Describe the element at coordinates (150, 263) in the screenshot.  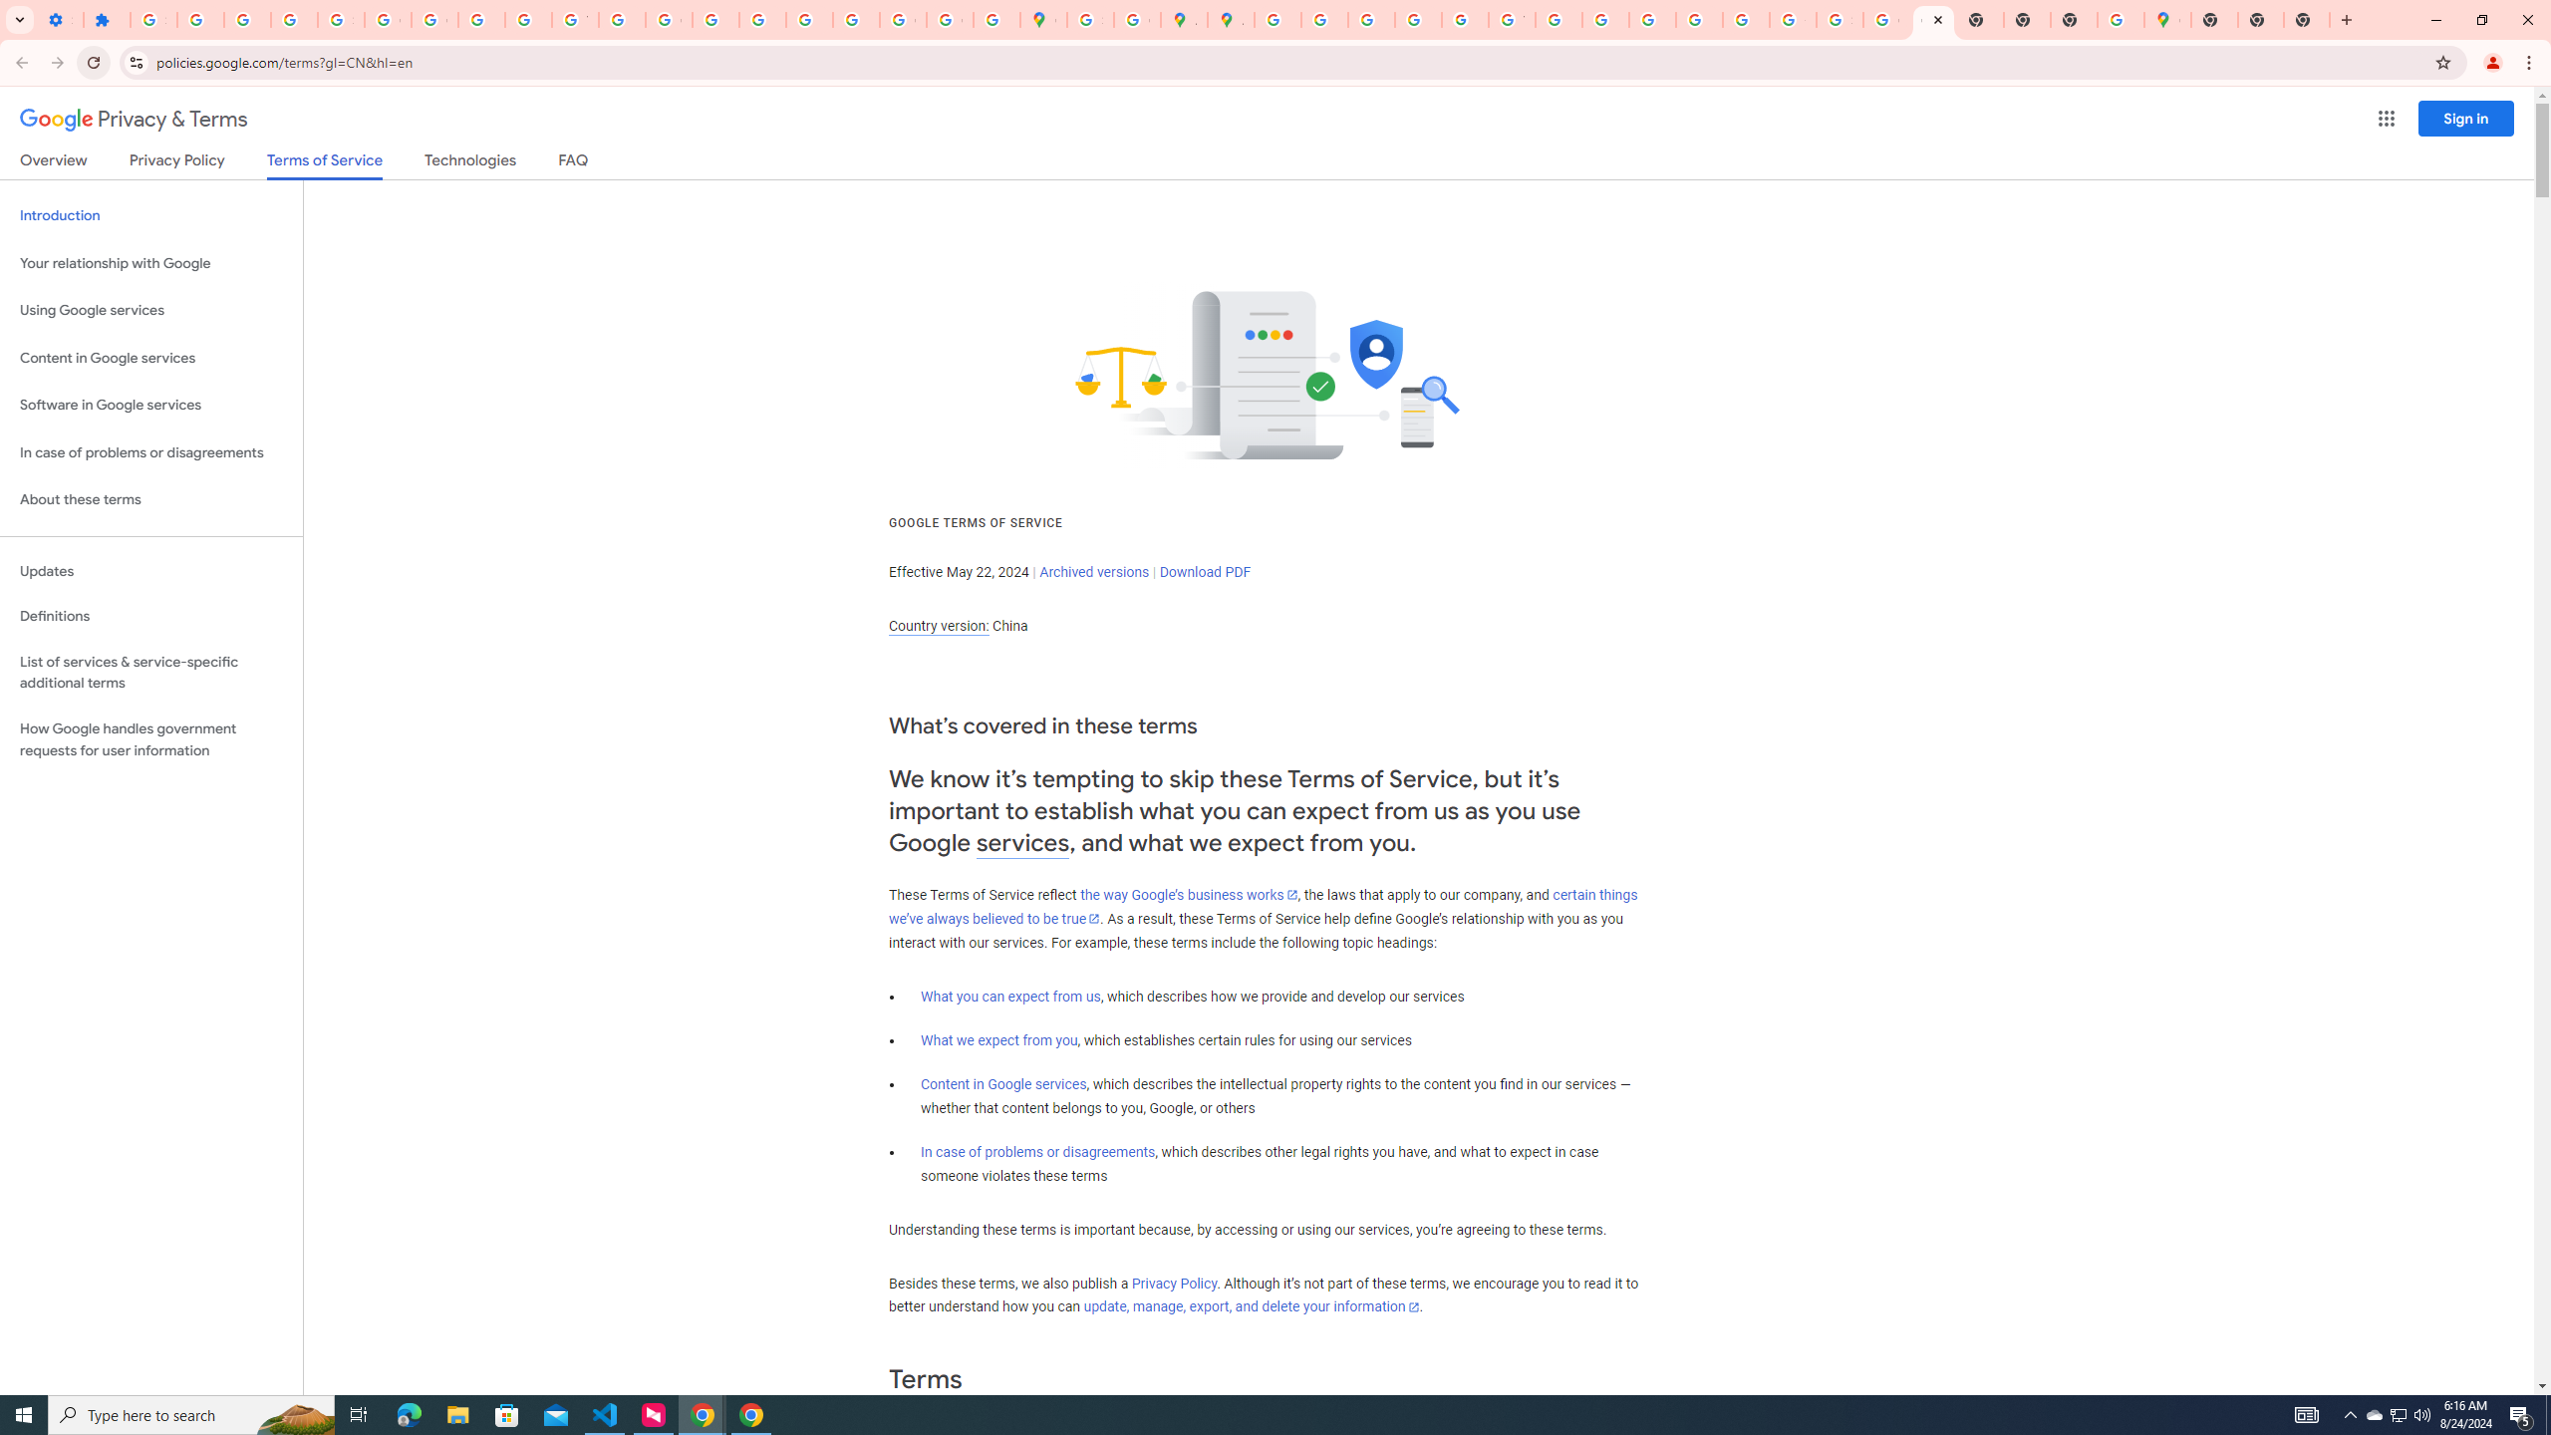
I see `'Your relationship with Google'` at that location.